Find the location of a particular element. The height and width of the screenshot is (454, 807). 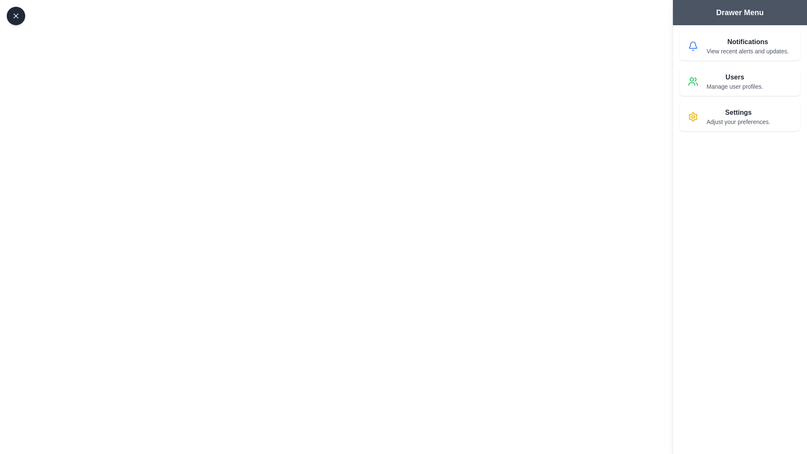

the menu item Users from the drawer menu is located at coordinates (740, 81).